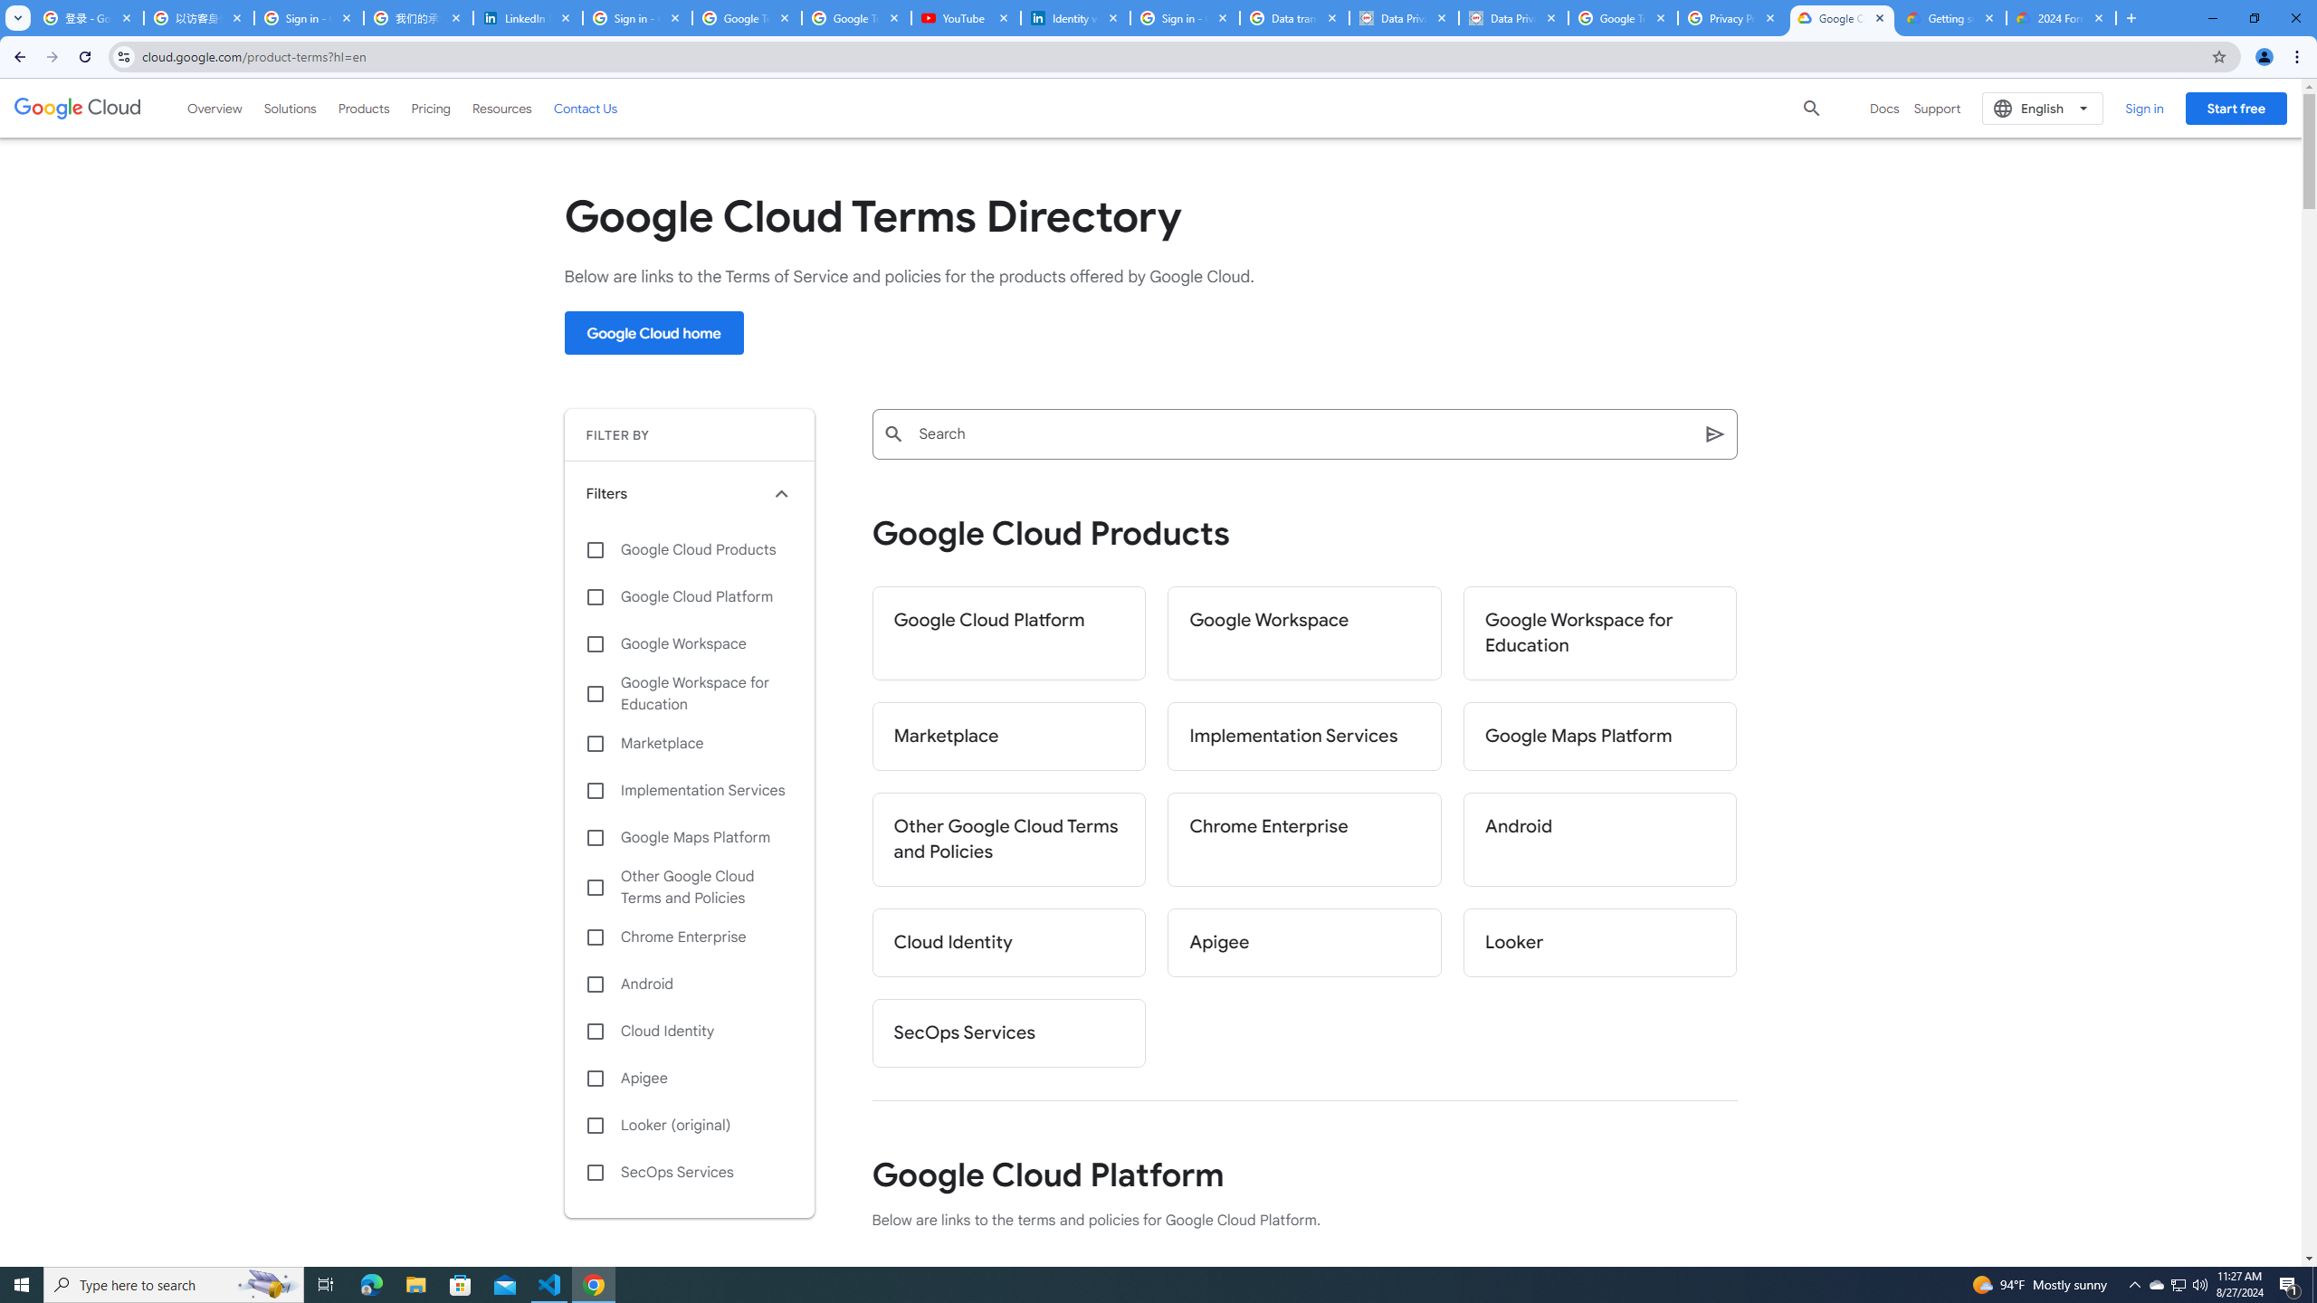 Image resolution: width=2317 pixels, height=1303 pixels. I want to click on 'Marketplace', so click(1007, 736).